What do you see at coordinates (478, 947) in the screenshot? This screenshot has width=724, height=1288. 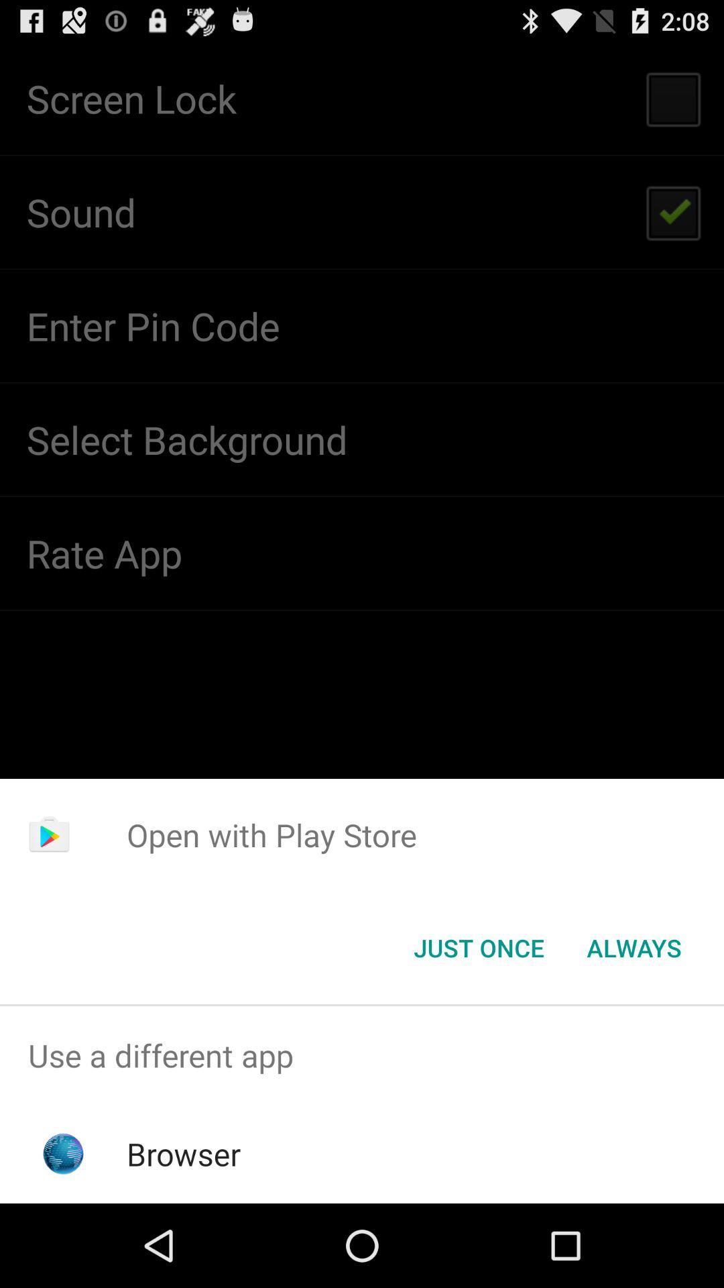 I see `icon below open with play item` at bounding box center [478, 947].